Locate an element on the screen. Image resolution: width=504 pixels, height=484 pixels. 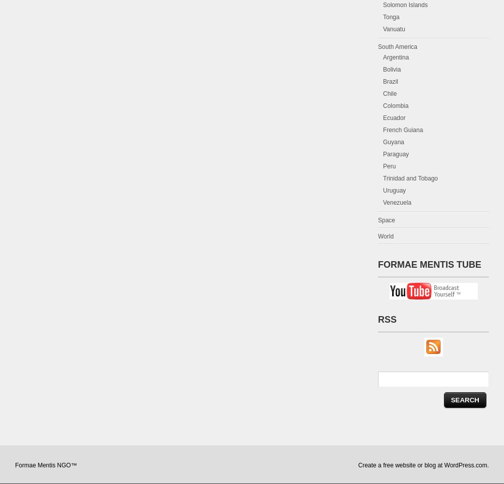
'World' is located at coordinates (386, 236).